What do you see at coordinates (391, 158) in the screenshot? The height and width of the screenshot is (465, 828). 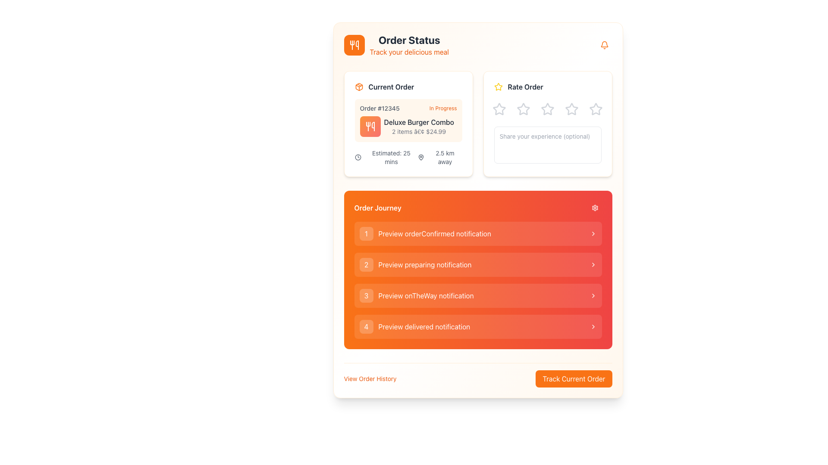 I see `the Label/Text Display that shows the estimated time remaining for the current order, located in the 'Current Order' section below the order details` at bounding box center [391, 158].